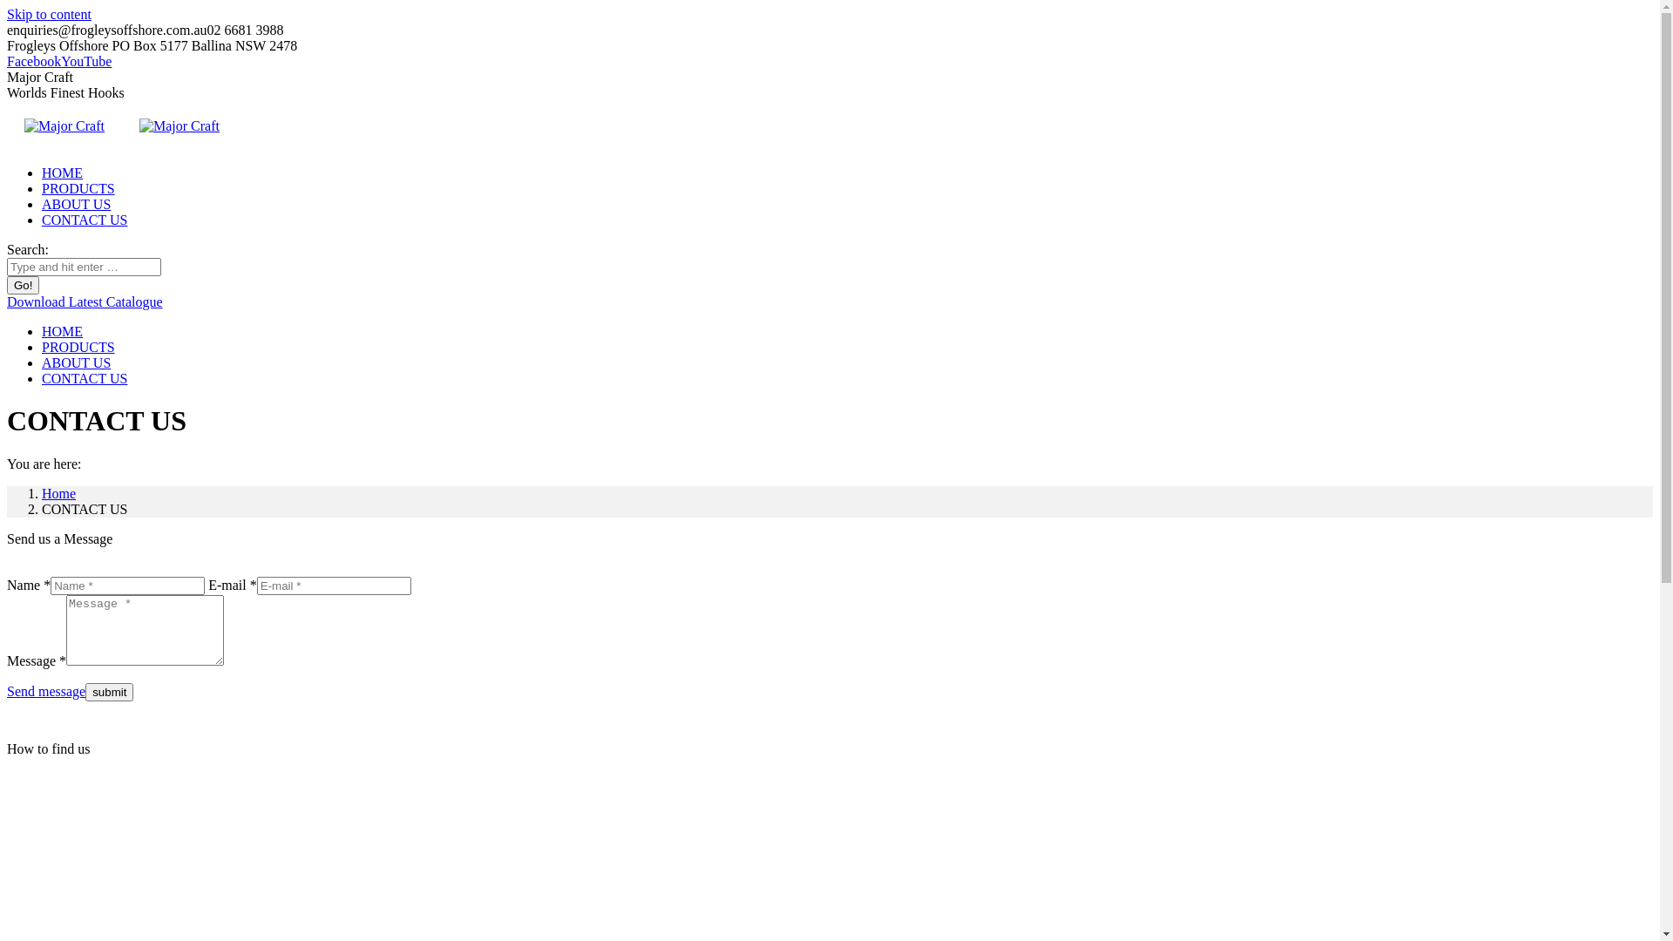 The width and height of the screenshot is (1673, 941). Describe the element at coordinates (78, 188) in the screenshot. I see `'PRODUCTS'` at that location.